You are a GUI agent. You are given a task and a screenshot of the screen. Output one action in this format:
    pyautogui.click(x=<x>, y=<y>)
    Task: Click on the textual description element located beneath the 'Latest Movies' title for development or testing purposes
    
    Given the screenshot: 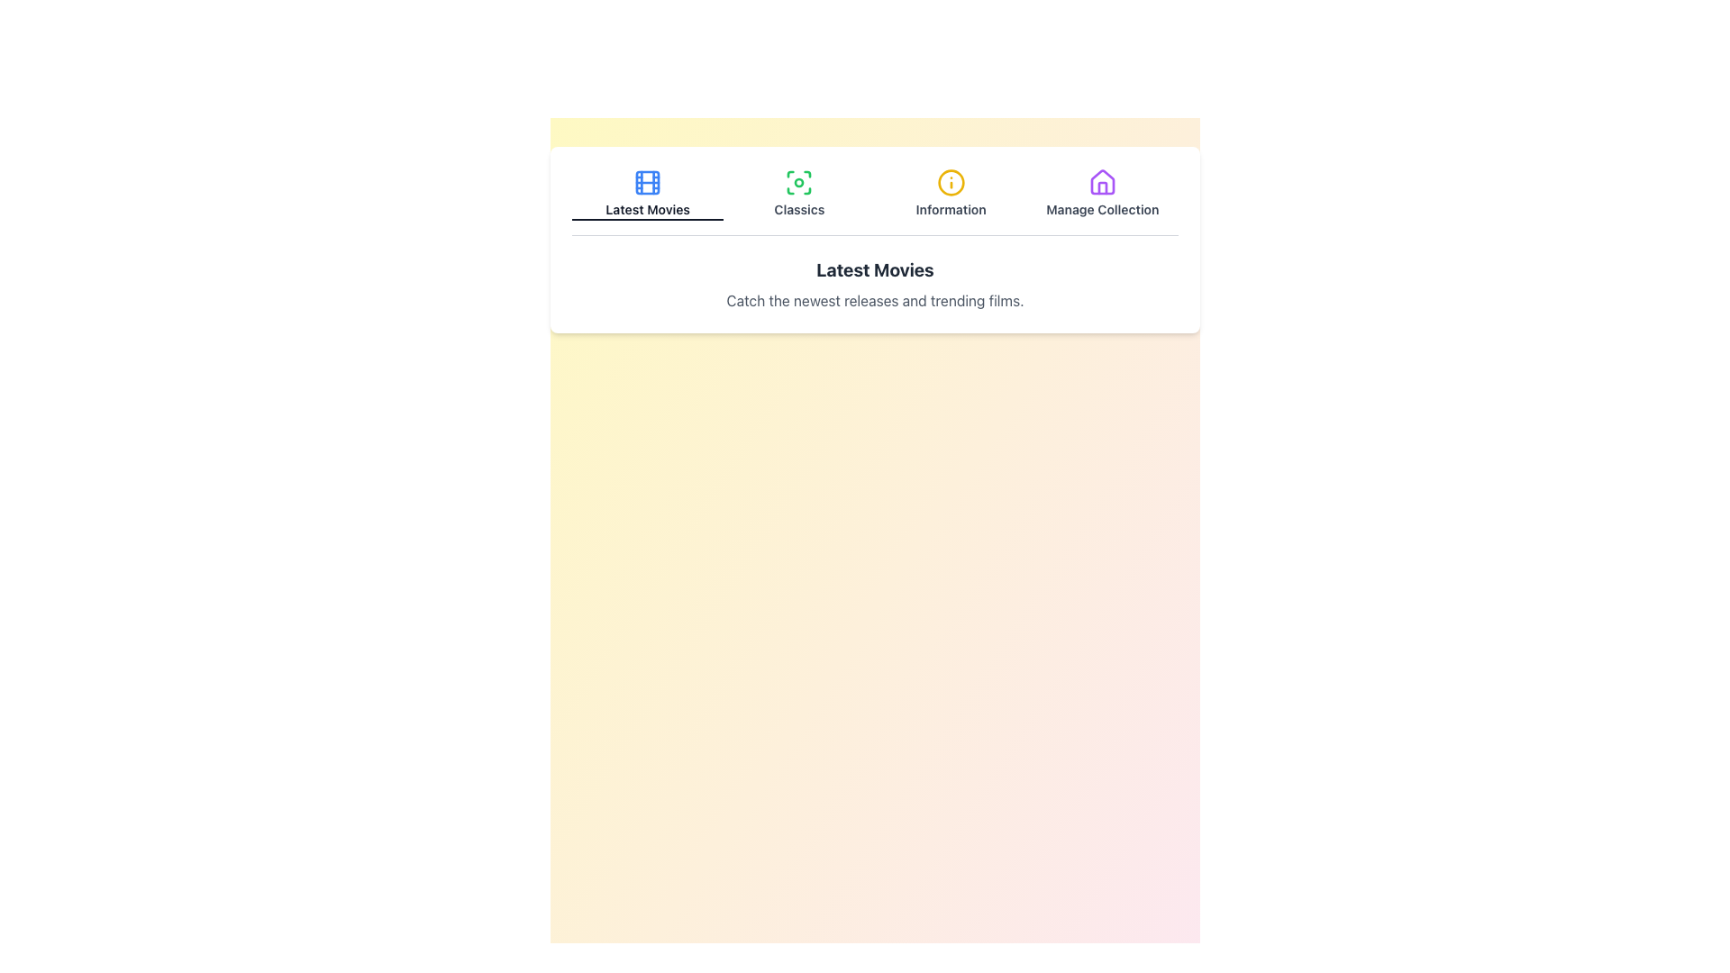 What is the action you would take?
    pyautogui.click(x=875, y=300)
    